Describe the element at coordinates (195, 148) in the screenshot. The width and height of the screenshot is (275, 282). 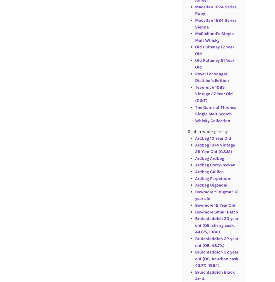
I see `'Ardbeg 1974 Vintage 29 Year Old (G&M)'` at that location.